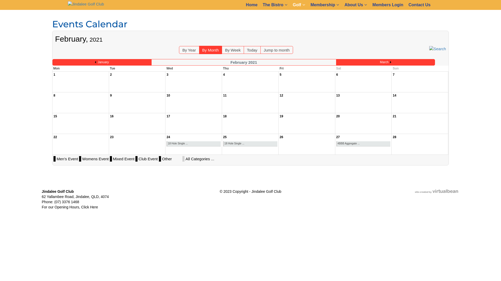  I want to click on 'Contact Us', so click(420, 5).